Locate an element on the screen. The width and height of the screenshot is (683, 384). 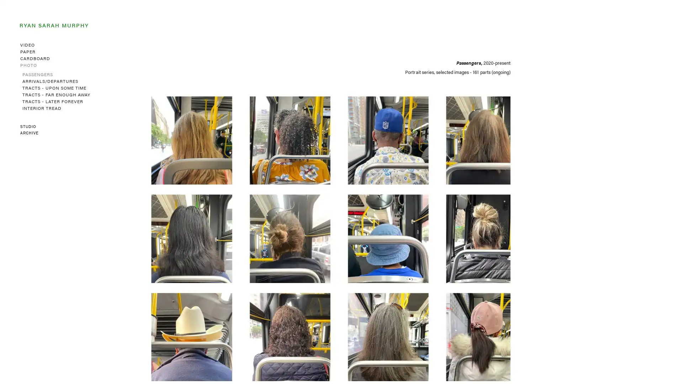
View fullsize Passenger 153-.jpeg is located at coordinates (171, 327).